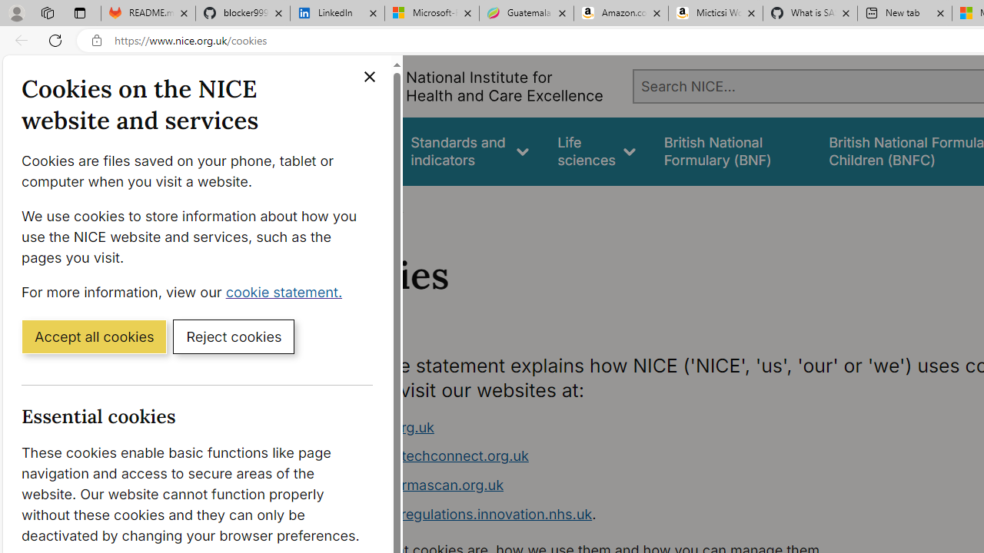  I want to click on 'Reject cookies', so click(233, 335).